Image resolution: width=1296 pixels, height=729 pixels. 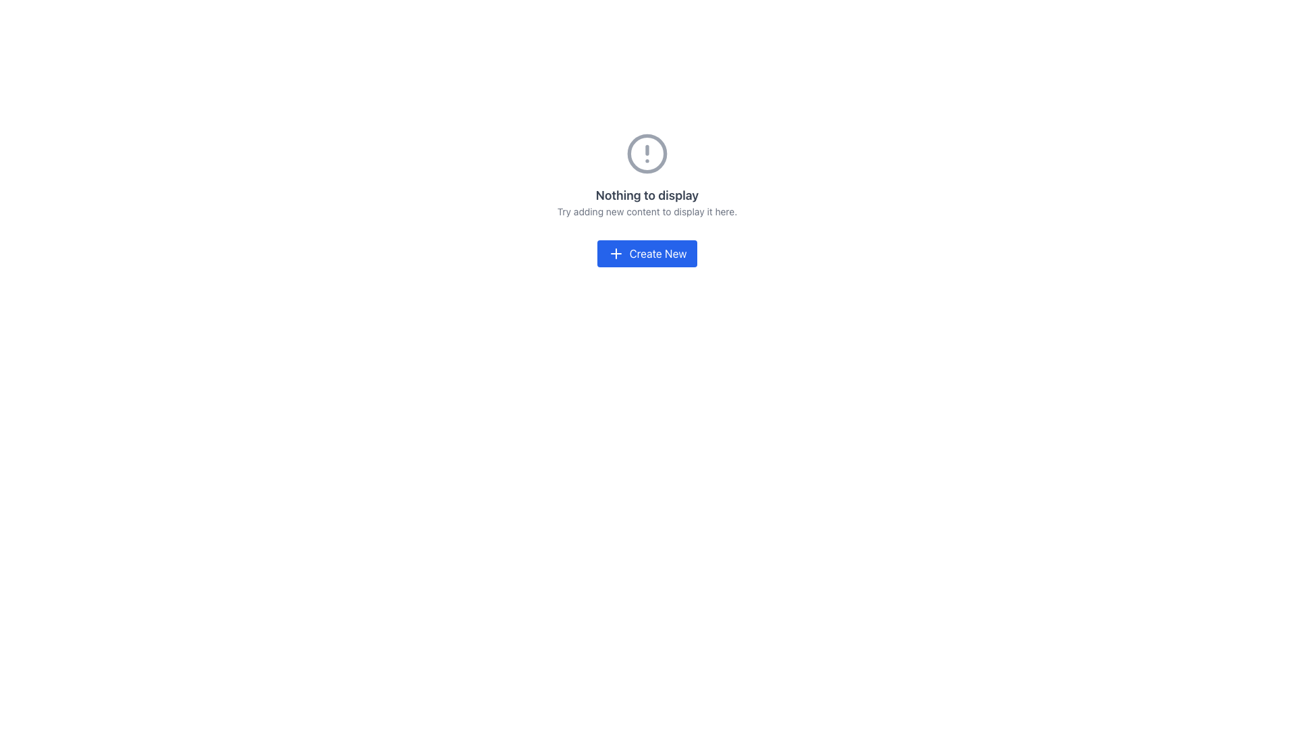 I want to click on the circular light gray SVG element that is part of the alert icon, positioned above the text 'Nothing, so click(x=647, y=153).